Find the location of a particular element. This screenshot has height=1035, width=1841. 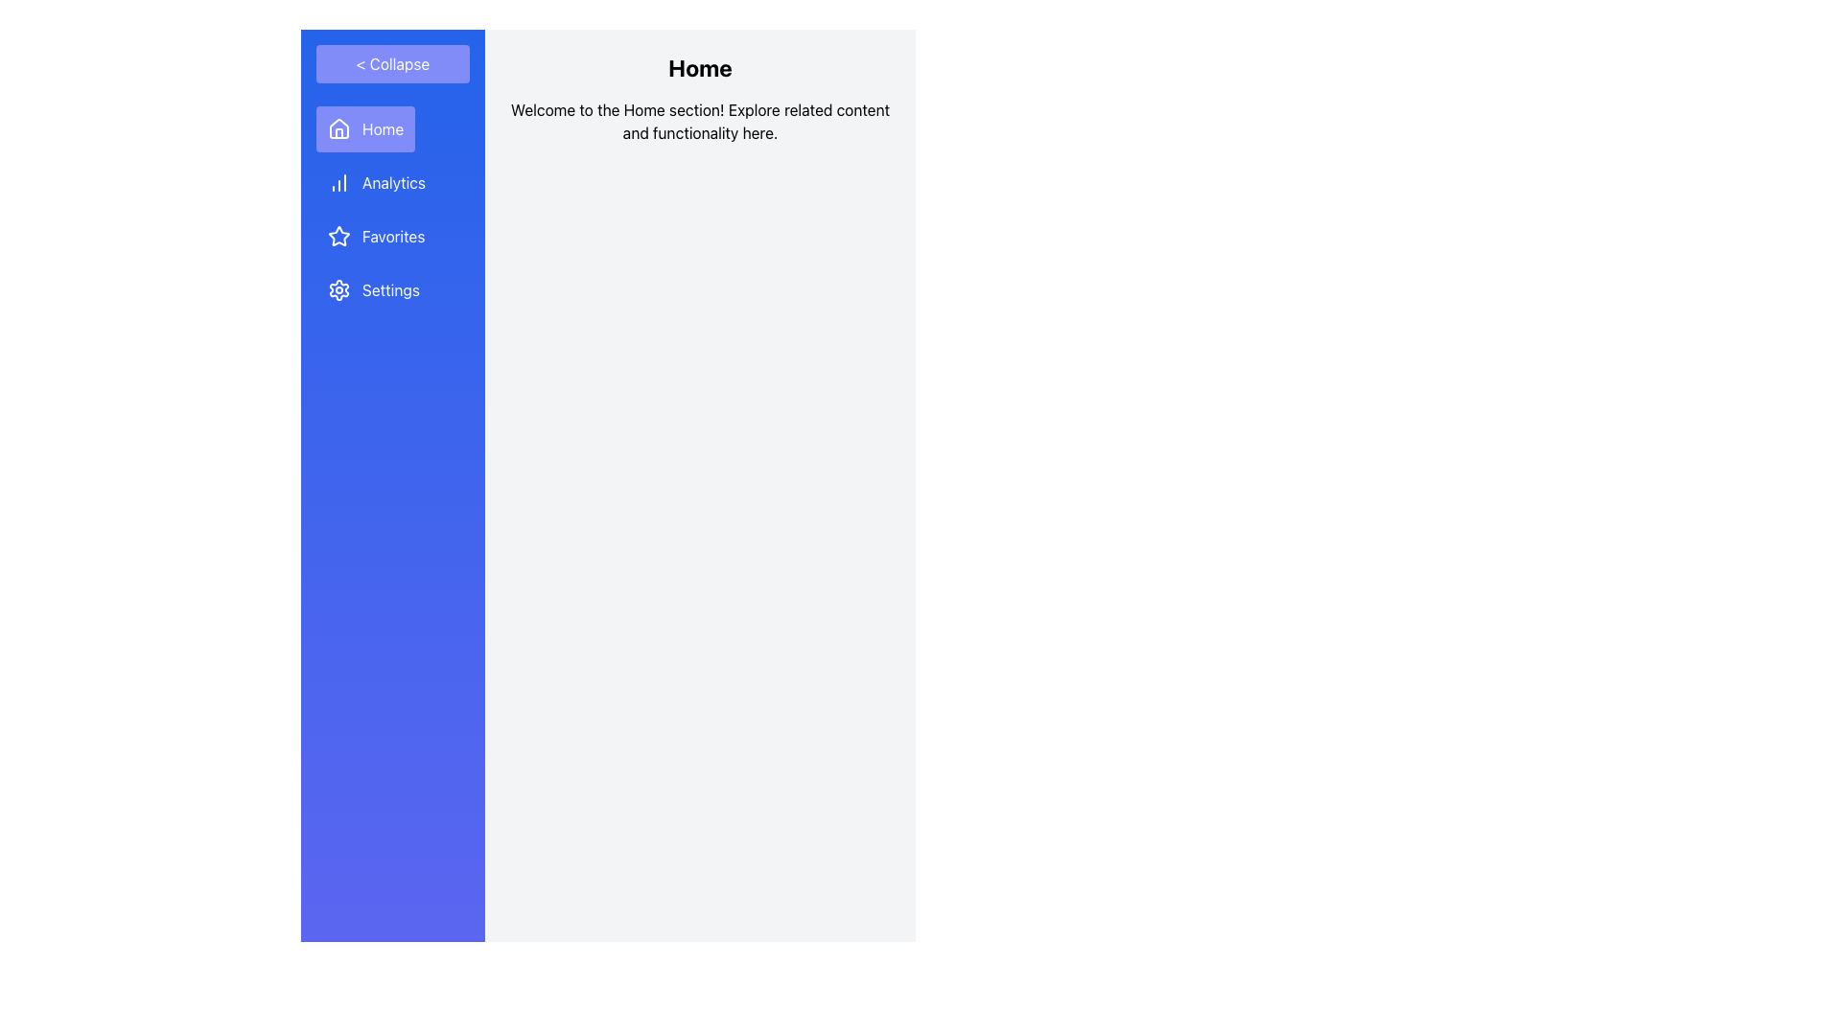

the 'Favorites' icon located in the sidebar menu is located at coordinates (339, 235).